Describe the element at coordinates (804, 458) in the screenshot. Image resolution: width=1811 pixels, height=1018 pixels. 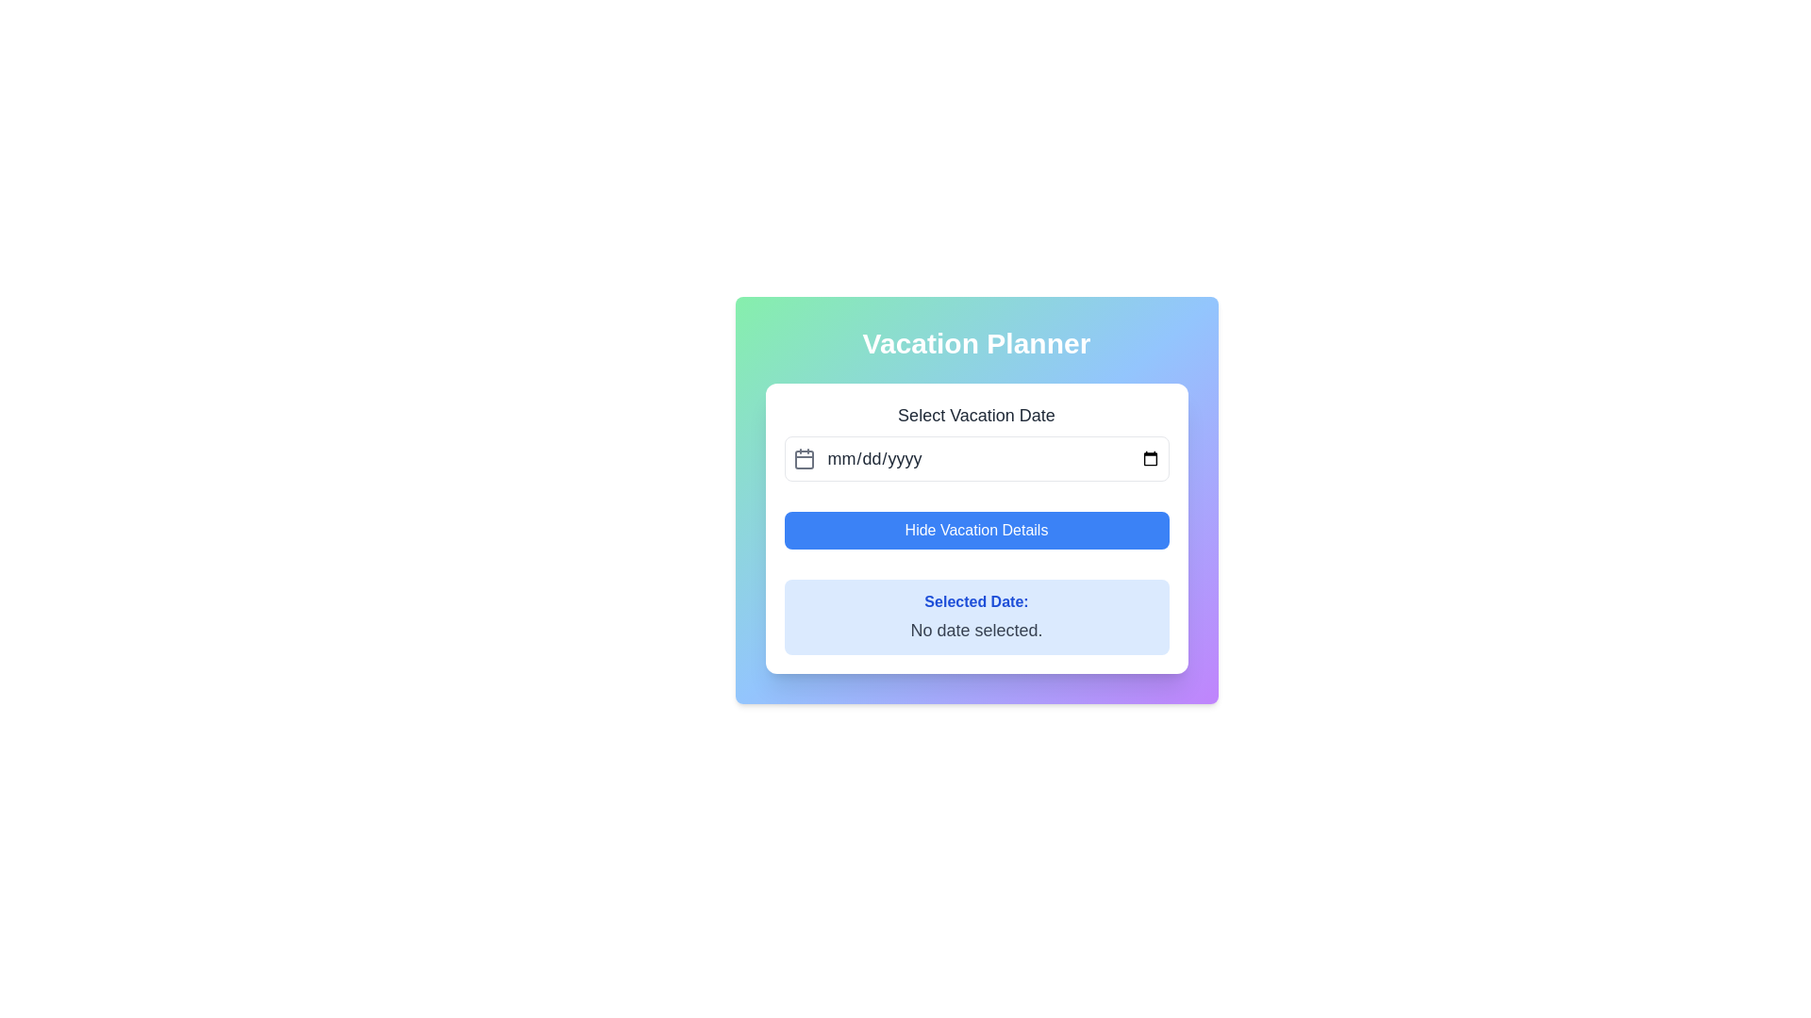
I see `the calendar icon, which is styled with a gray color and located to the left of the date input field, identified by its outlined square with rounded corners and two vertical lines above it` at that location.